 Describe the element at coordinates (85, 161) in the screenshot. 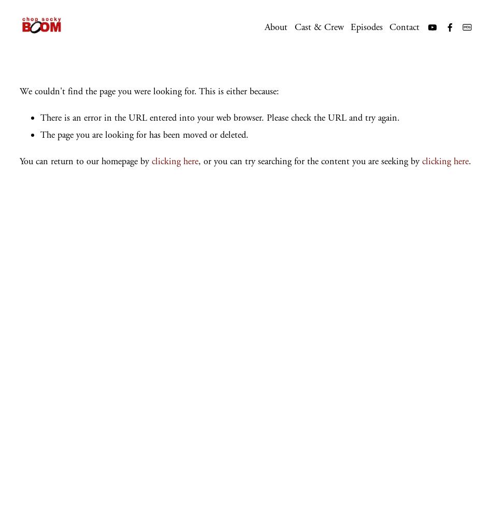

I see `'You can return to our homepage by'` at that location.